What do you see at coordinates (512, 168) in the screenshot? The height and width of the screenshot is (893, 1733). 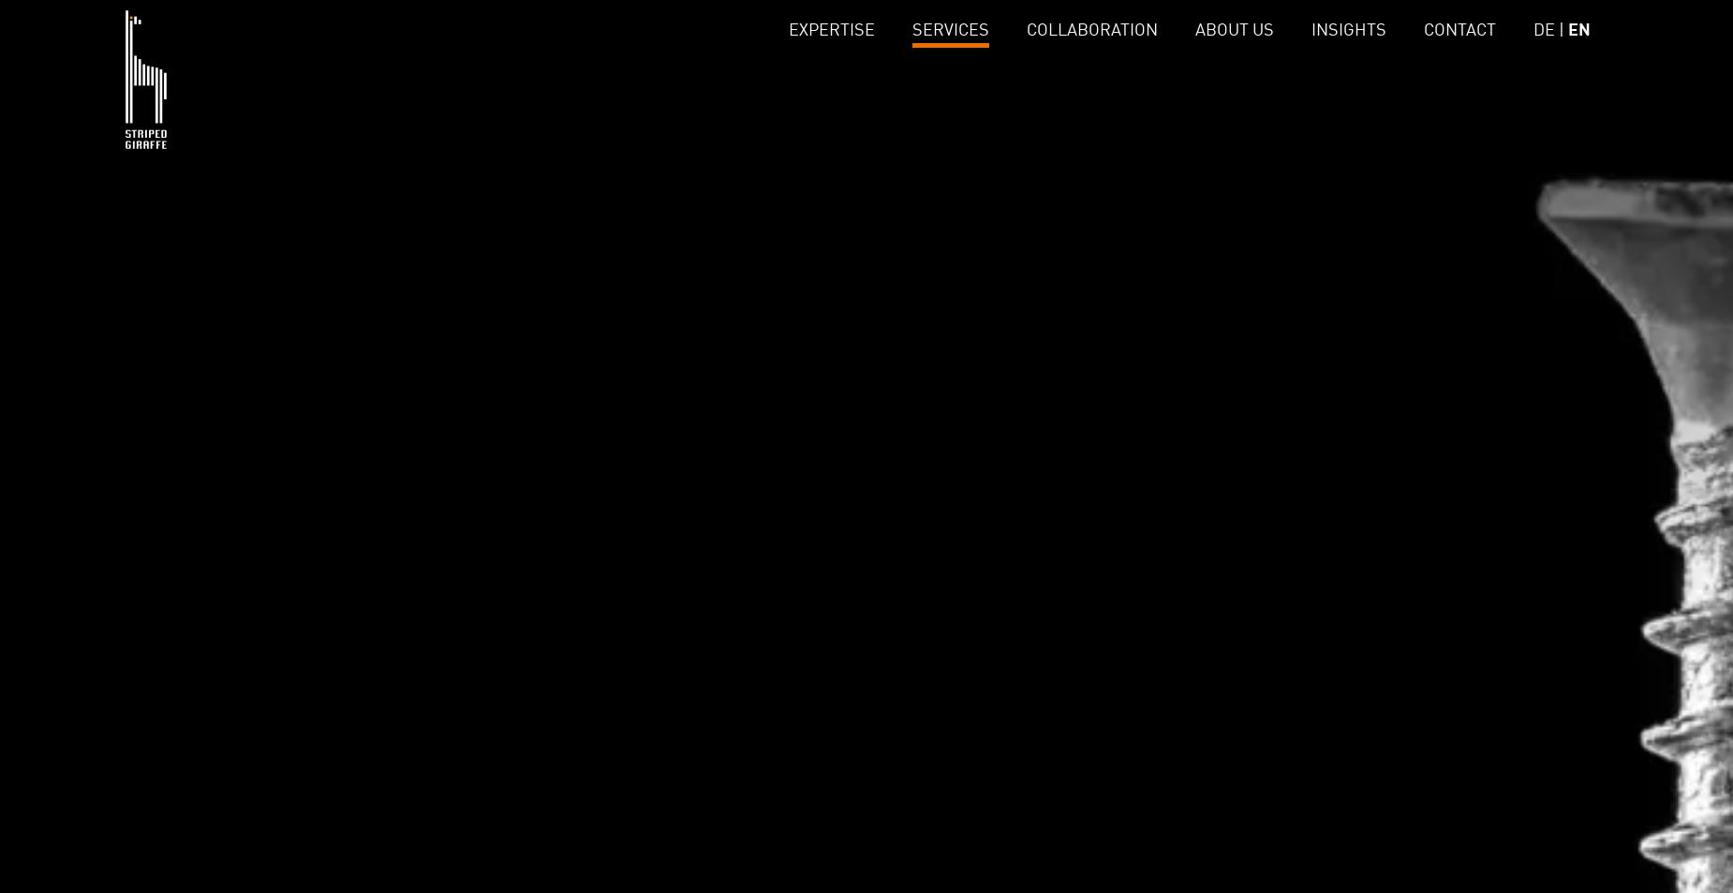 I see `'MDM'` at bounding box center [512, 168].